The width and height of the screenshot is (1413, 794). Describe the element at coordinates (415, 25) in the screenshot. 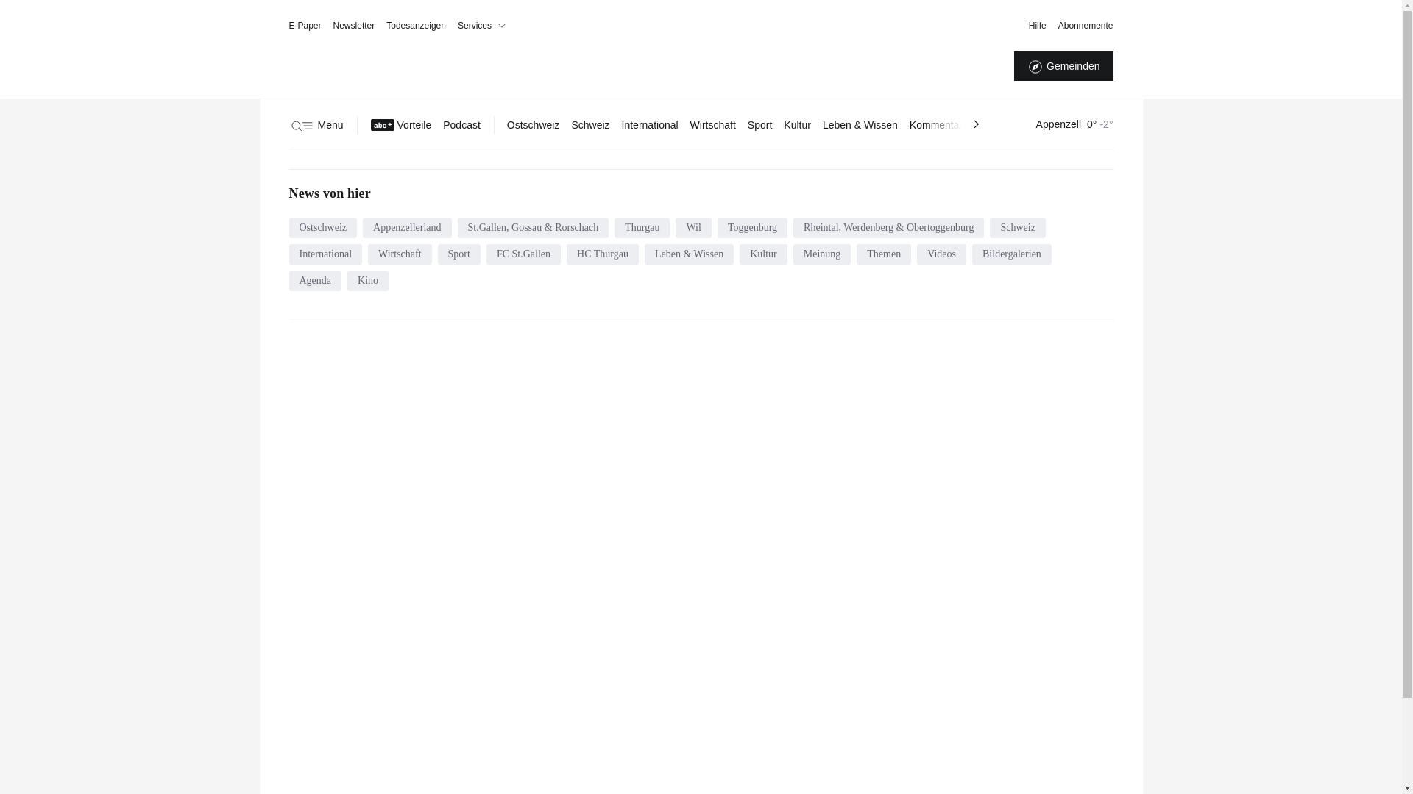

I see `'Todesanzeigen'` at that location.